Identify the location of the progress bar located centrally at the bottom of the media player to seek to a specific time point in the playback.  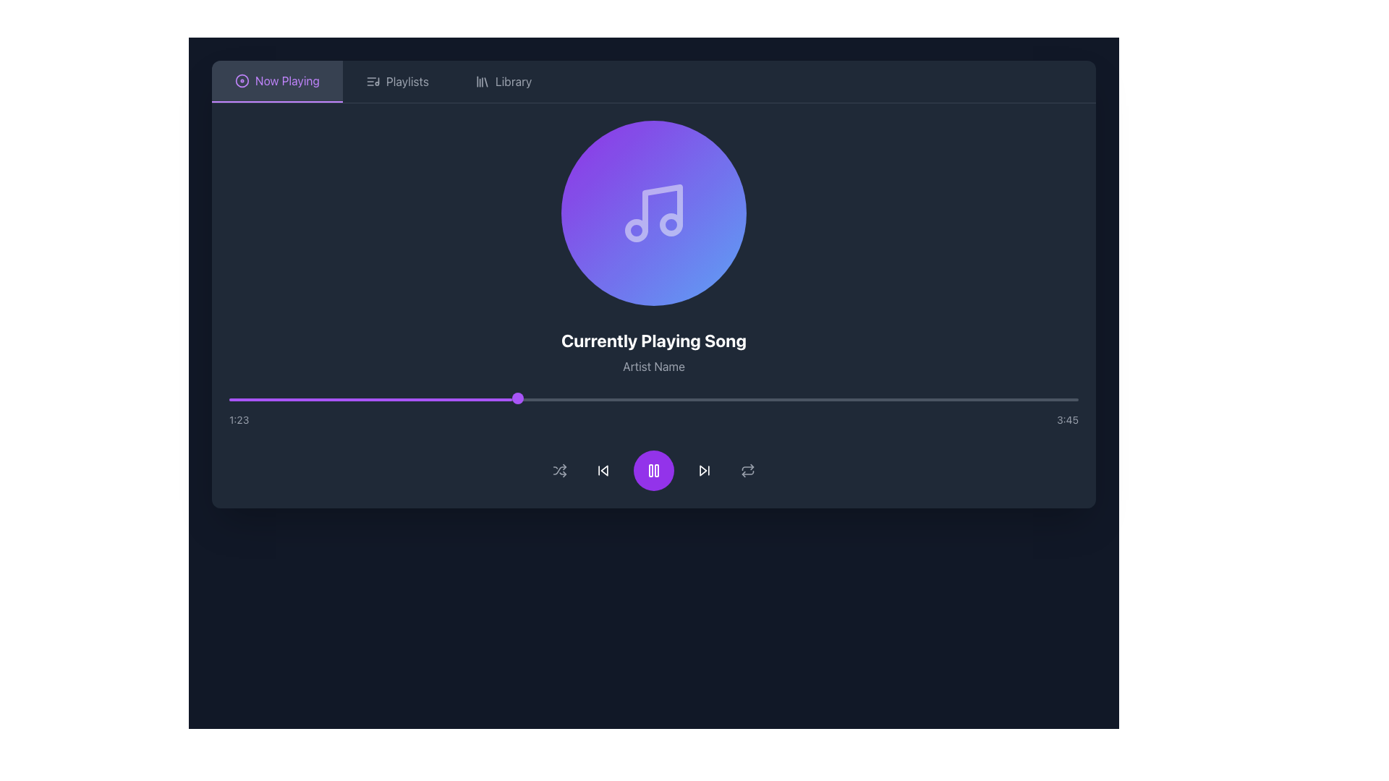
(653, 412).